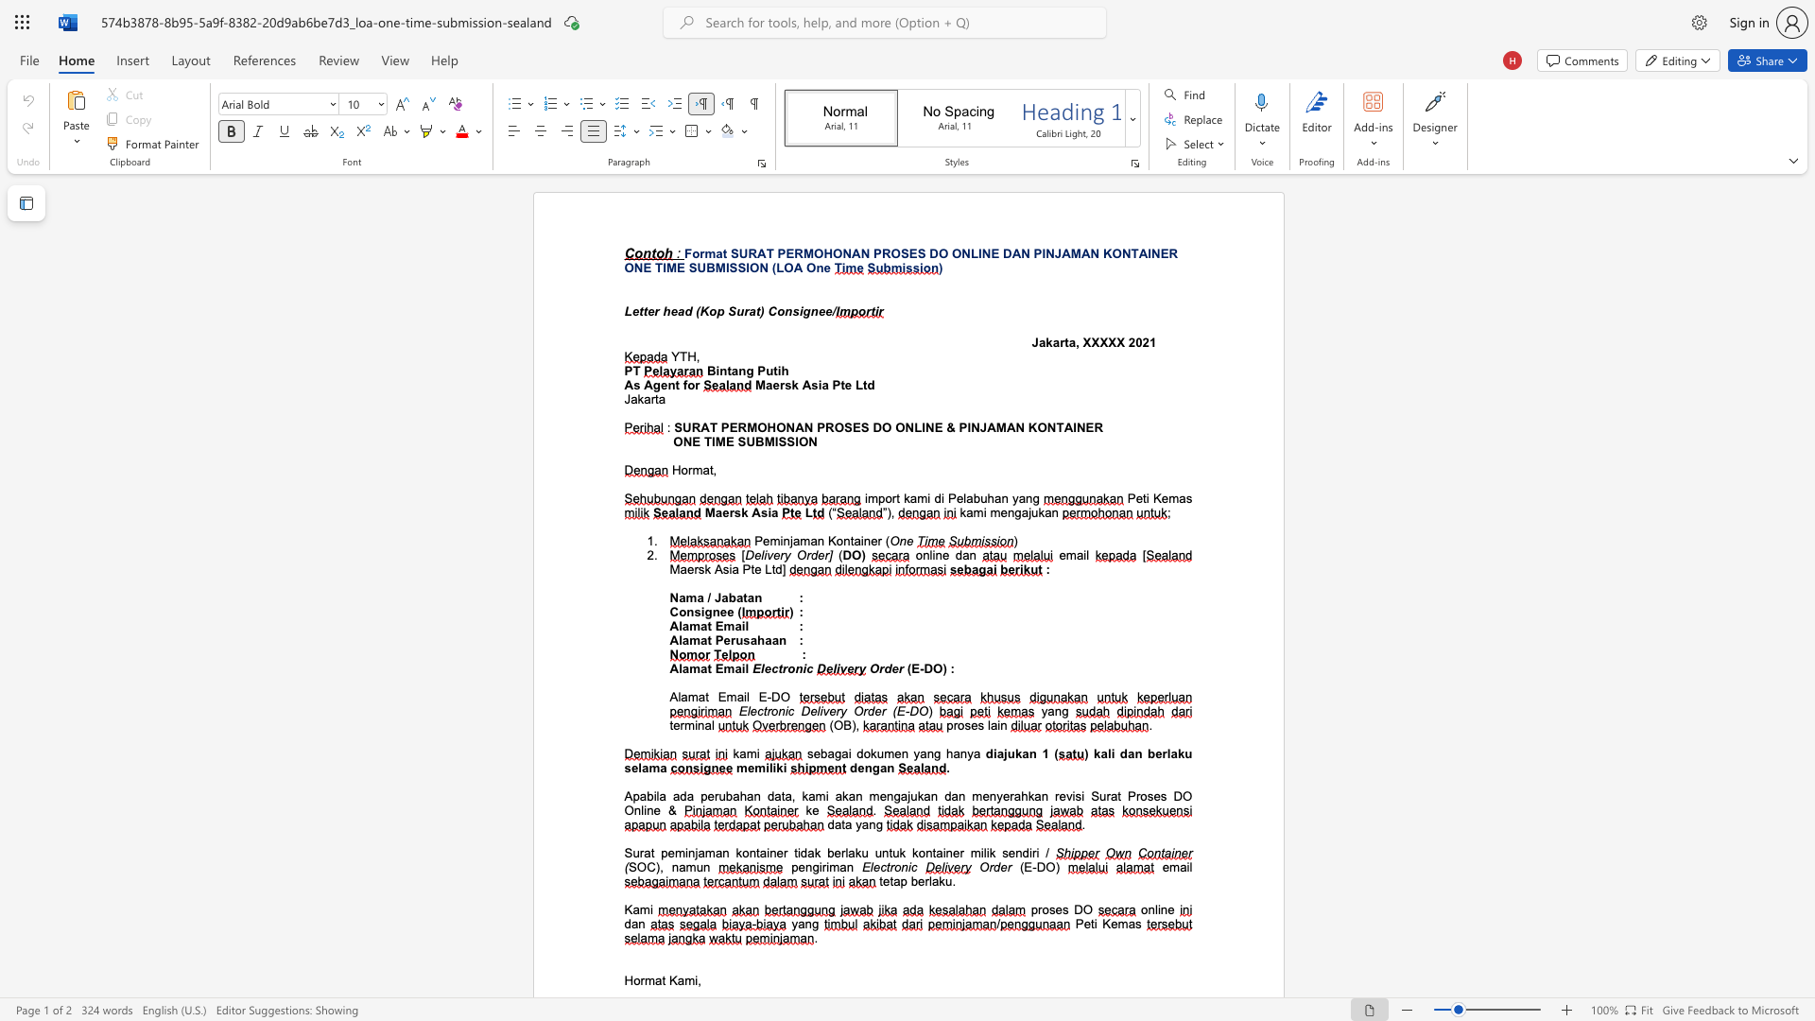 The image size is (1815, 1021). What do you see at coordinates (1013, 512) in the screenshot?
I see `the space between the continuous character "n" and "g" in the text` at bounding box center [1013, 512].